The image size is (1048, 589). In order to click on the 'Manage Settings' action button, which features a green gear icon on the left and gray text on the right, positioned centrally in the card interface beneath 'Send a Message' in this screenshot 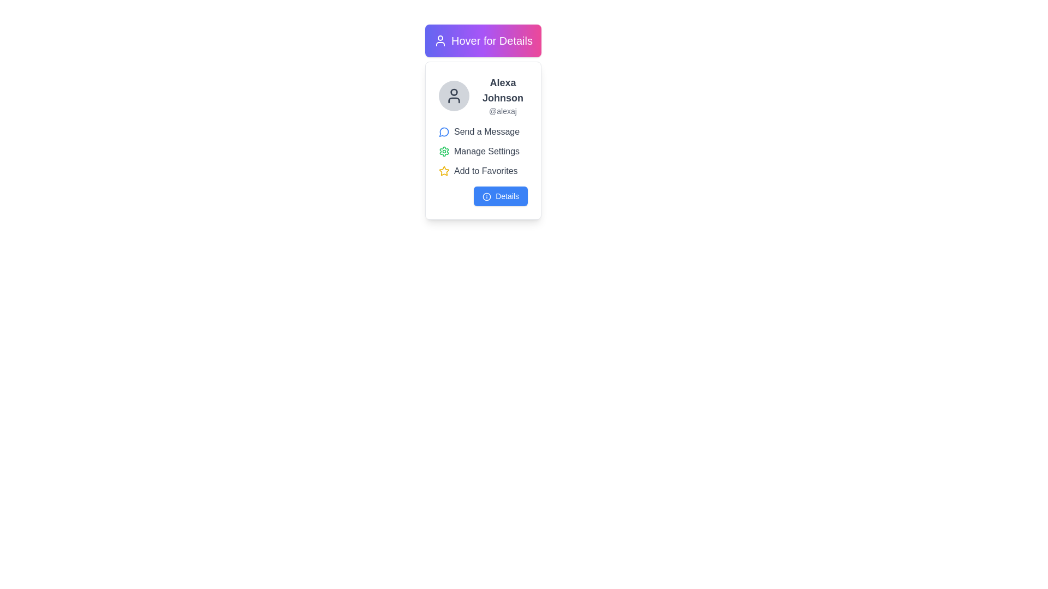, I will do `click(483, 151)`.